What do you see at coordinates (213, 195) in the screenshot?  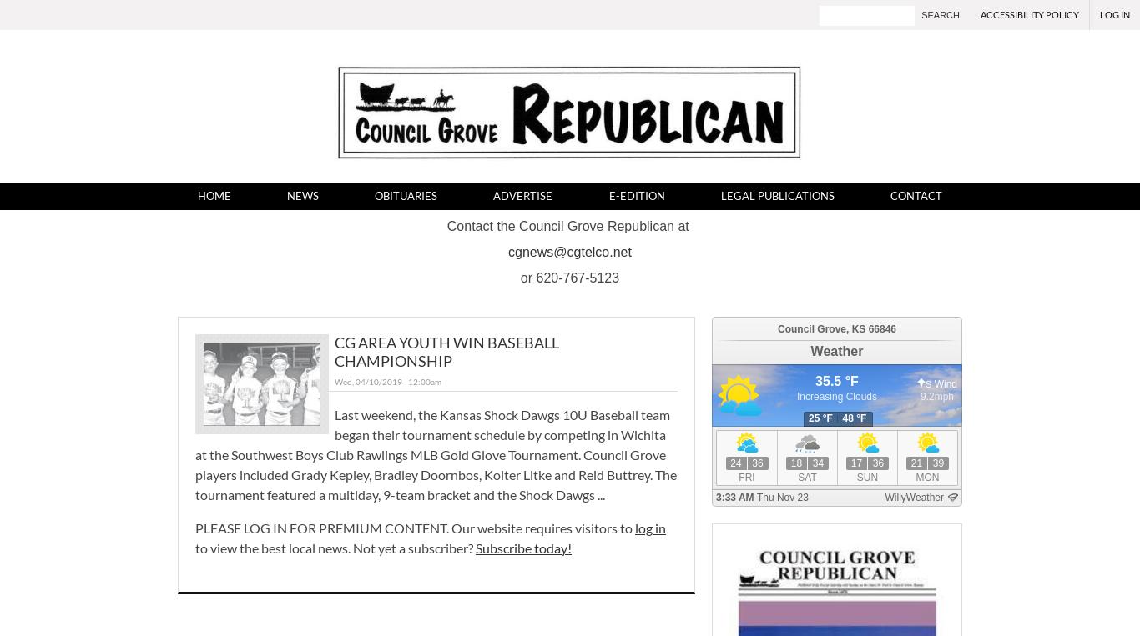 I see `'Home'` at bounding box center [213, 195].